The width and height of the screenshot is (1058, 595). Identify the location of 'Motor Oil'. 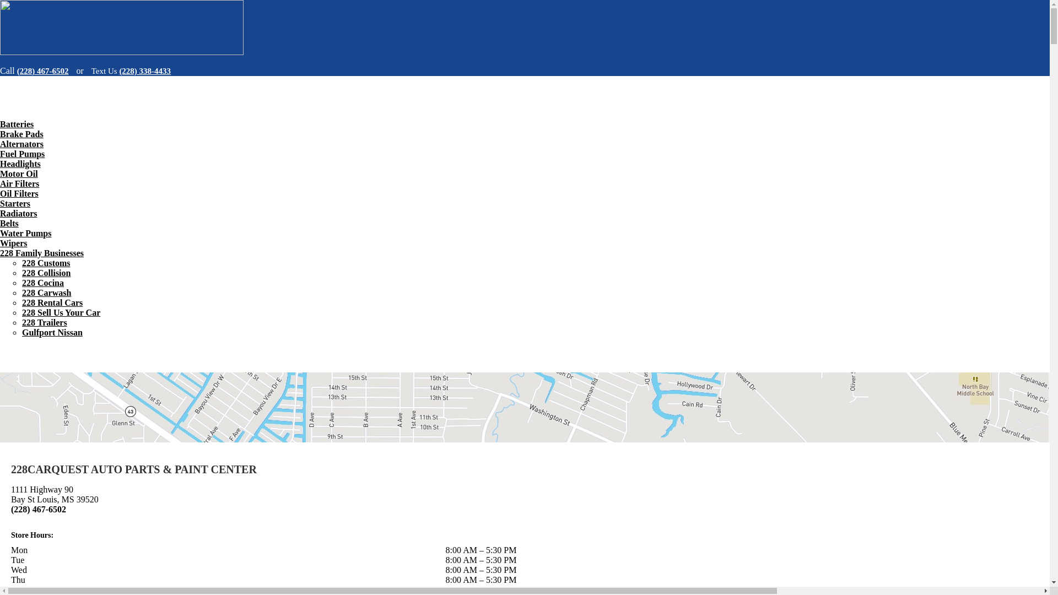
(19, 174).